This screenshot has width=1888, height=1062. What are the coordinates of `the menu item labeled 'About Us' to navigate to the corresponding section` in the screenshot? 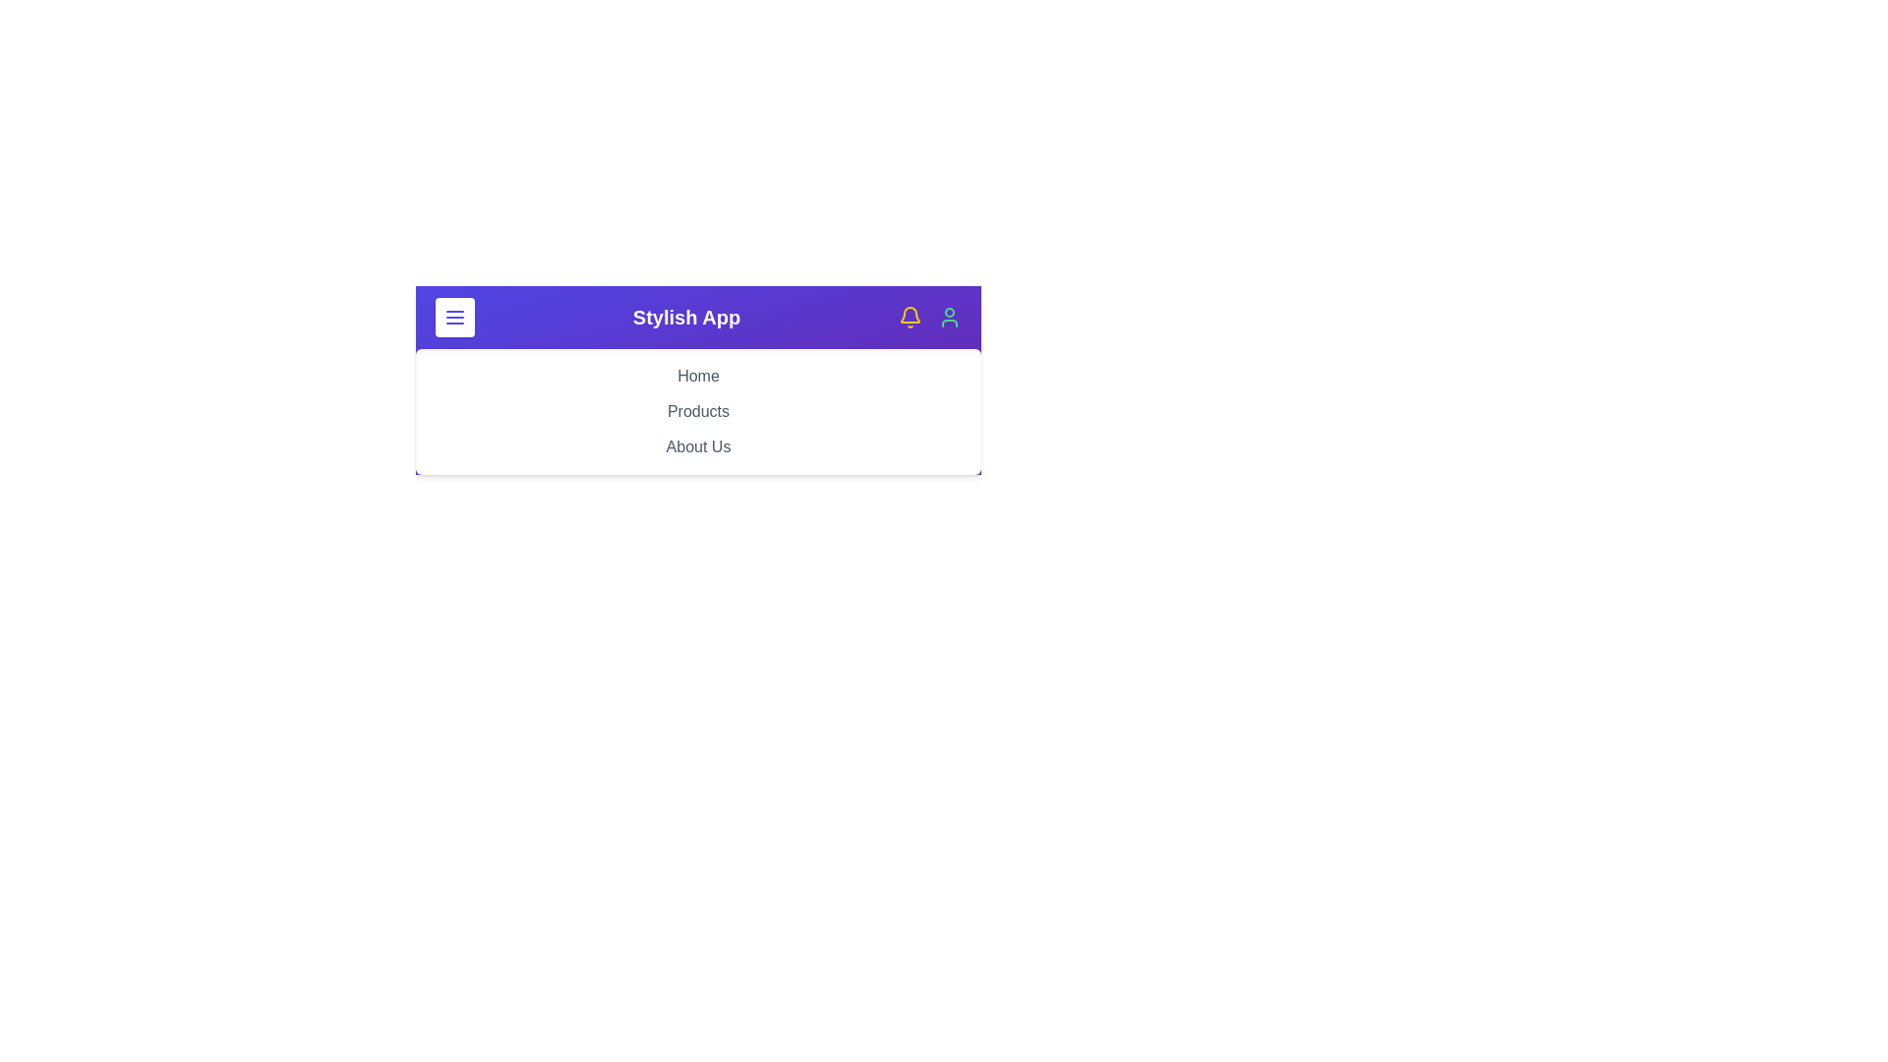 It's located at (698, 447).